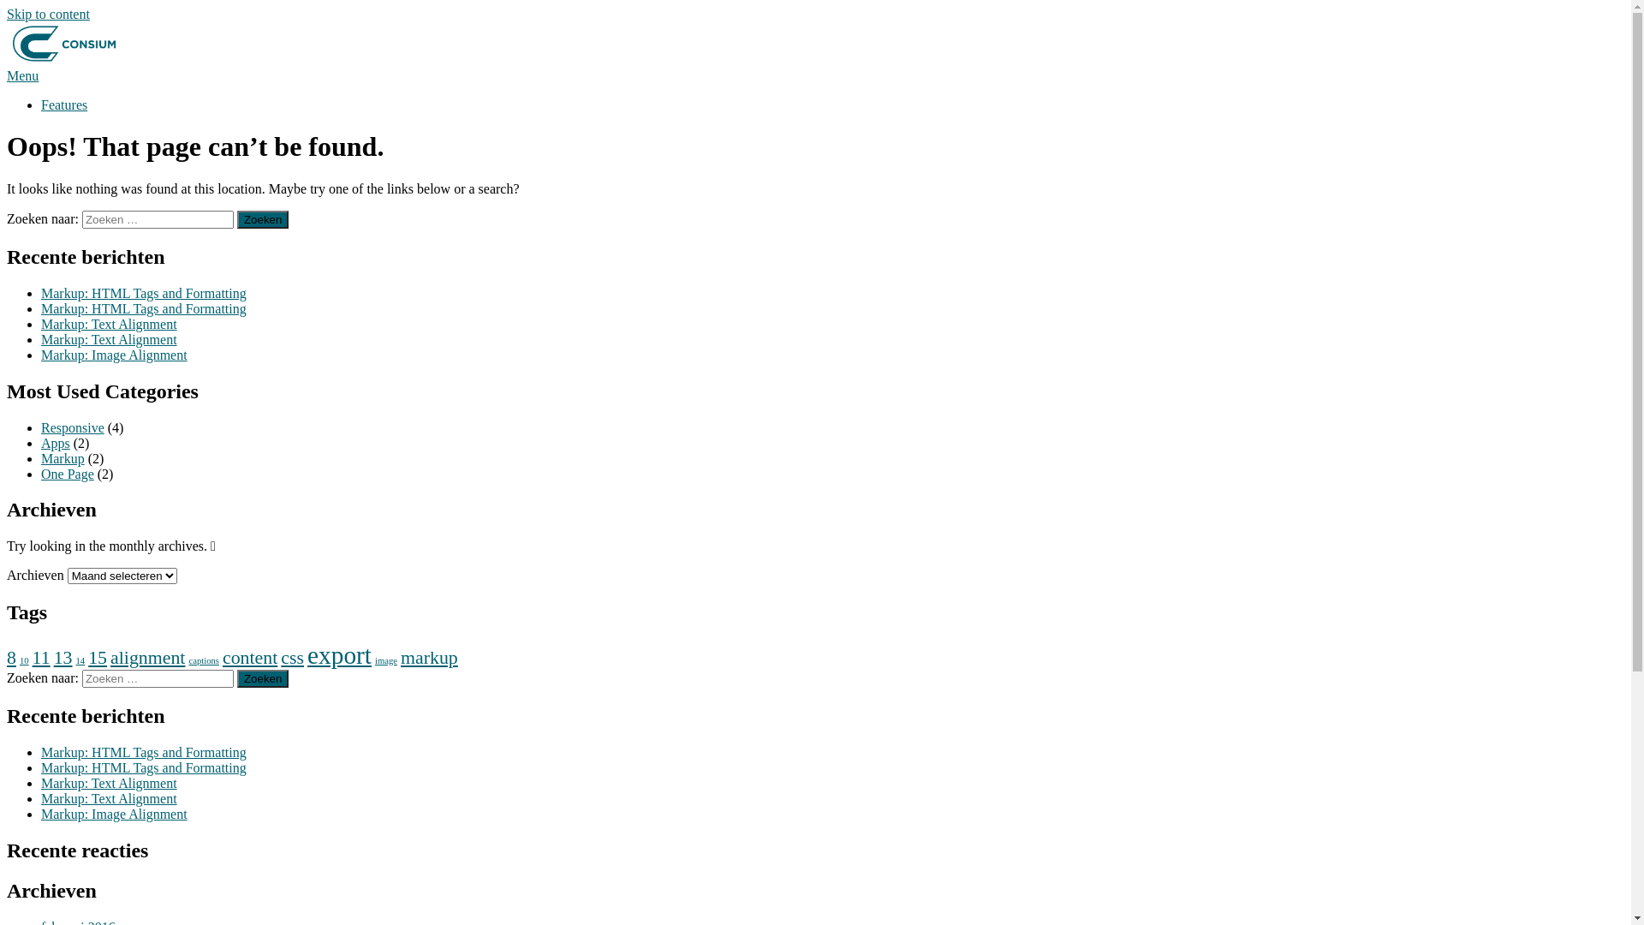 This screenshot has width=1644, height=925. Describe the element at coordinates (11, 656) in the screenshot. I see `'8'` at that location.